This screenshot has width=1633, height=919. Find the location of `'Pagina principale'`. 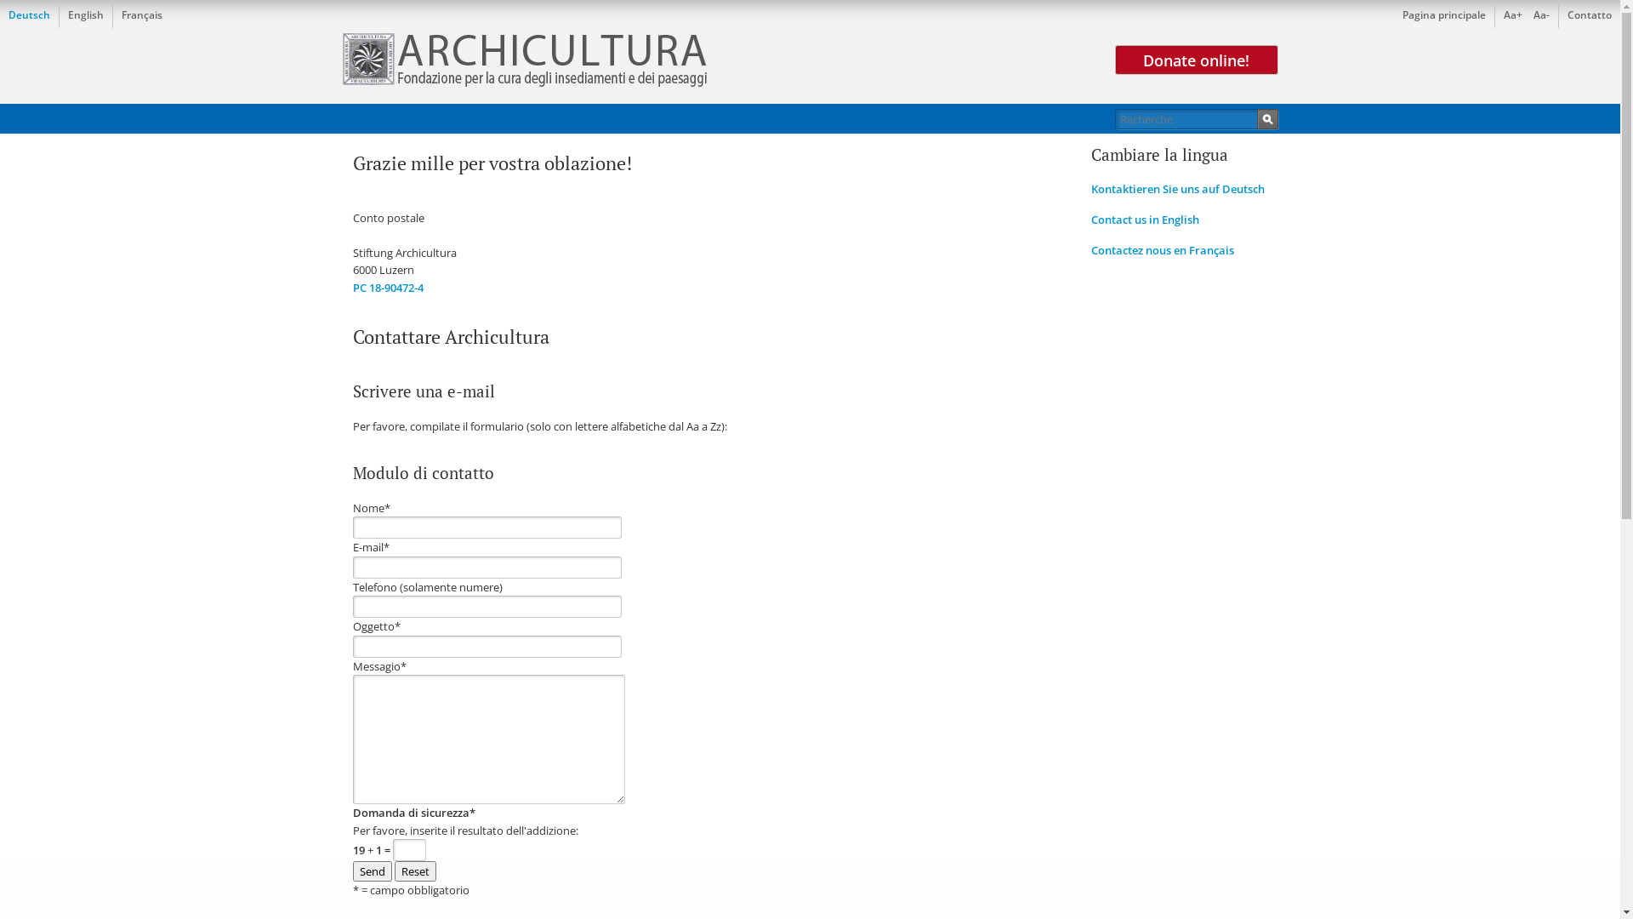

'Pagina principale' is located at coordinates (1443, 15).